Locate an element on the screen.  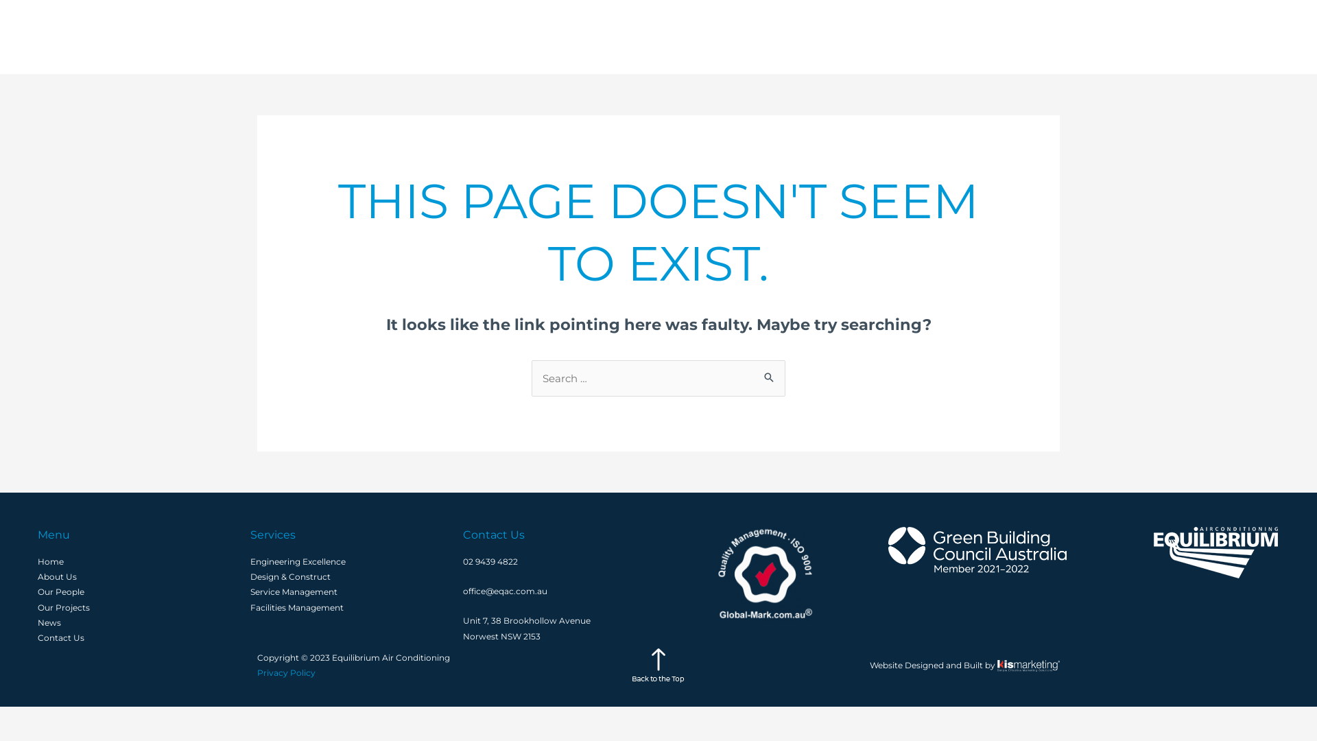
'Unit 7, 38 Brookhollow Avenue' is located at coordinates (463, 620).